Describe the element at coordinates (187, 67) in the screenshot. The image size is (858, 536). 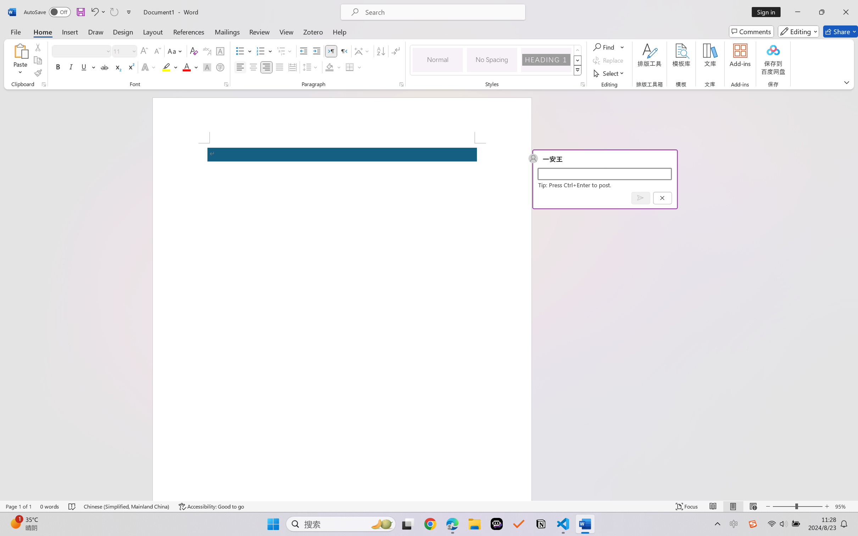
I see `'Font Color RGB(255, 0, 0)'` at that location.